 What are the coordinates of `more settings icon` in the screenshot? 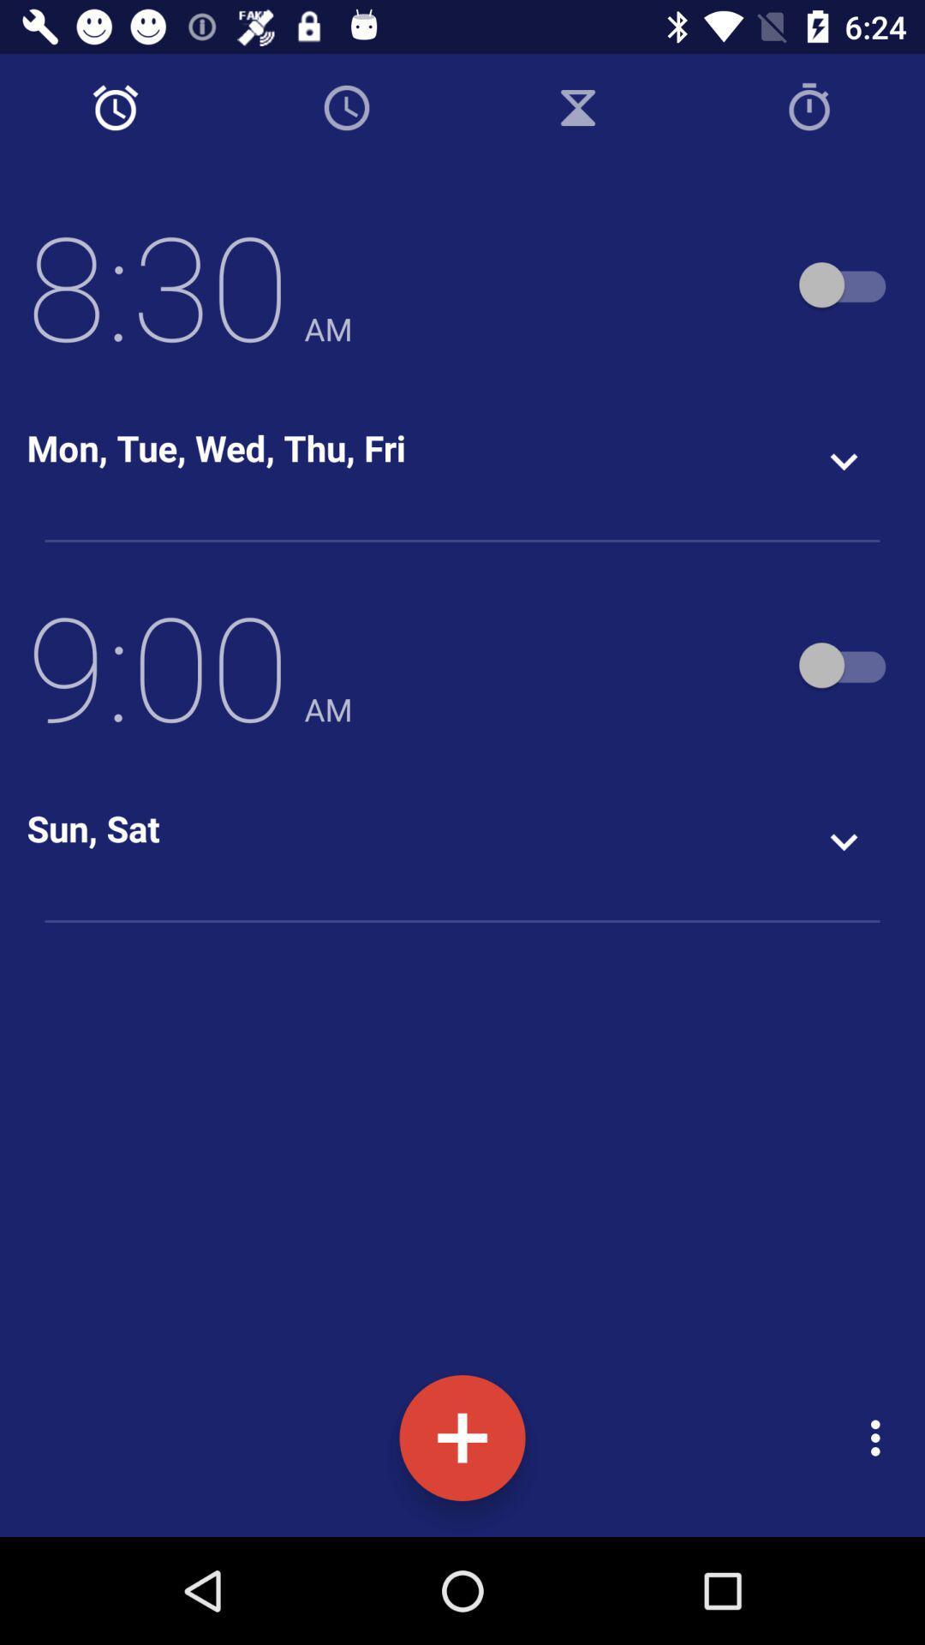 It's located at (880, 1439).